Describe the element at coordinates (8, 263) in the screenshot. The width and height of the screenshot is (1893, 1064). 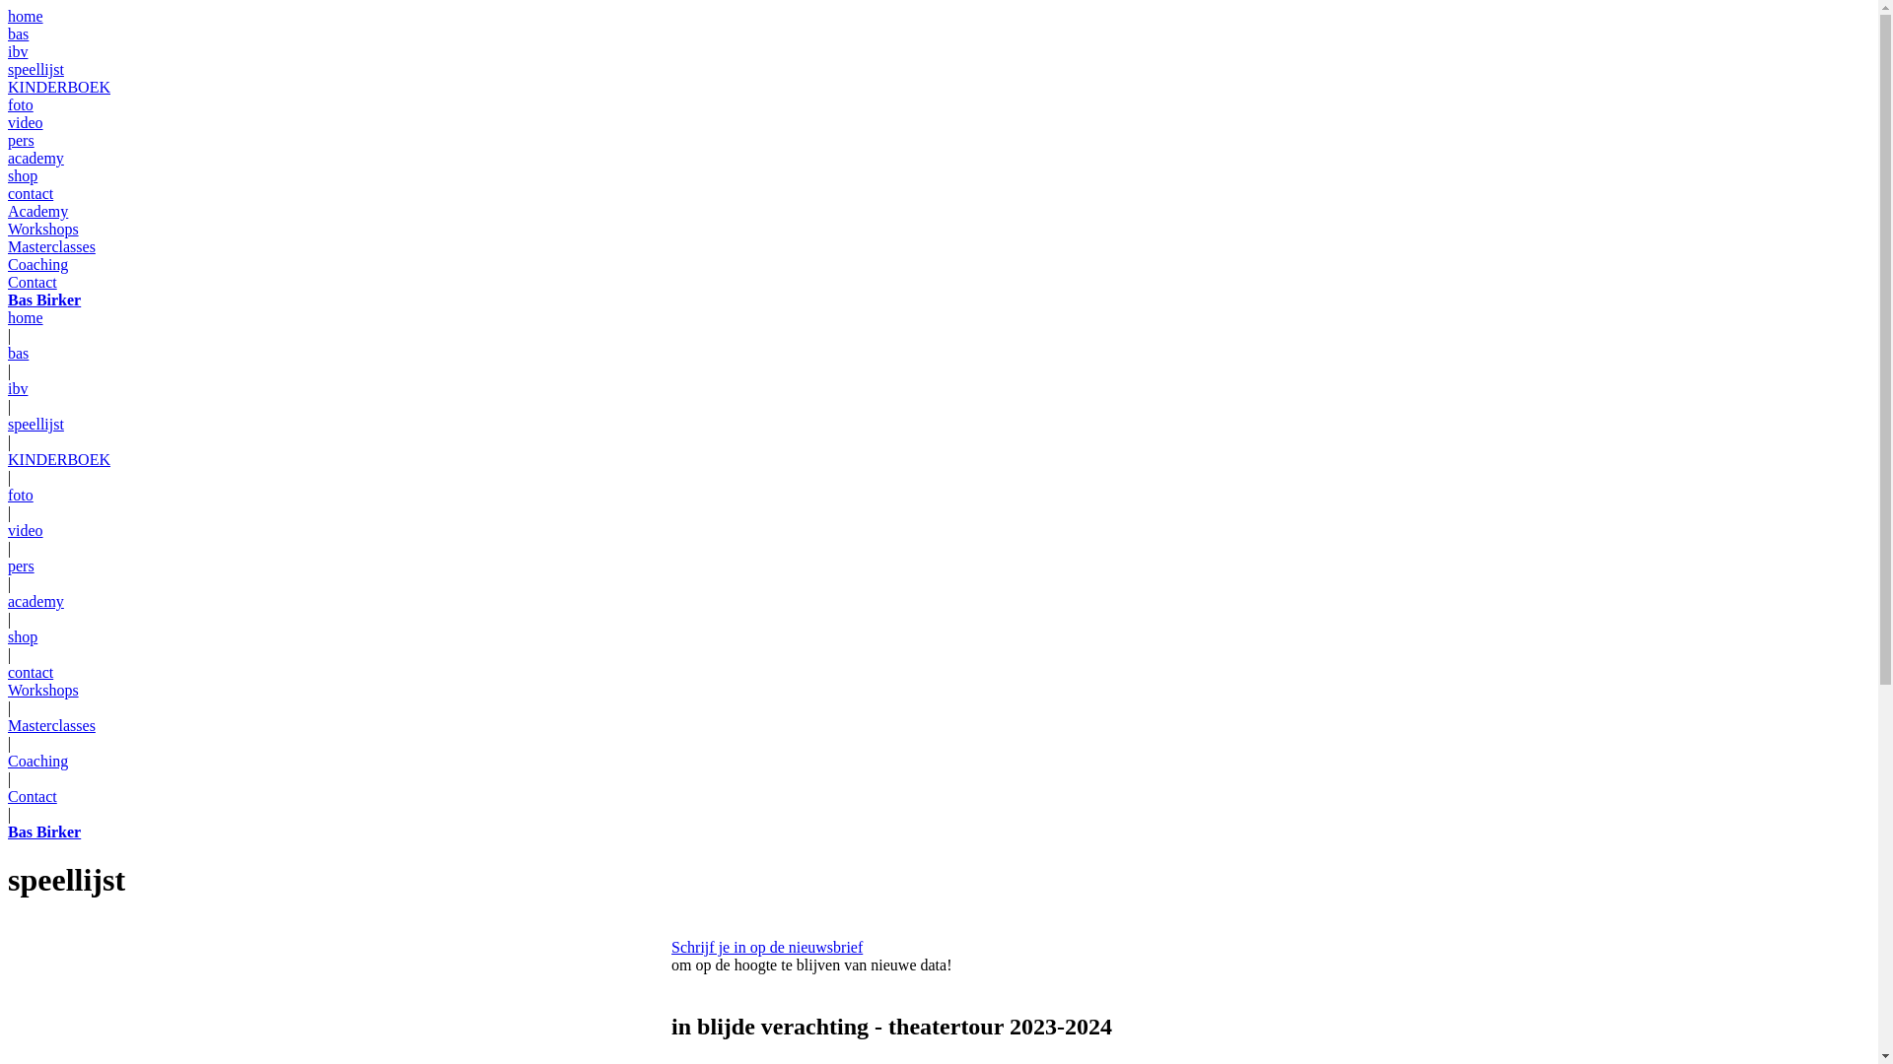
I see `'Coaching'` at that location.